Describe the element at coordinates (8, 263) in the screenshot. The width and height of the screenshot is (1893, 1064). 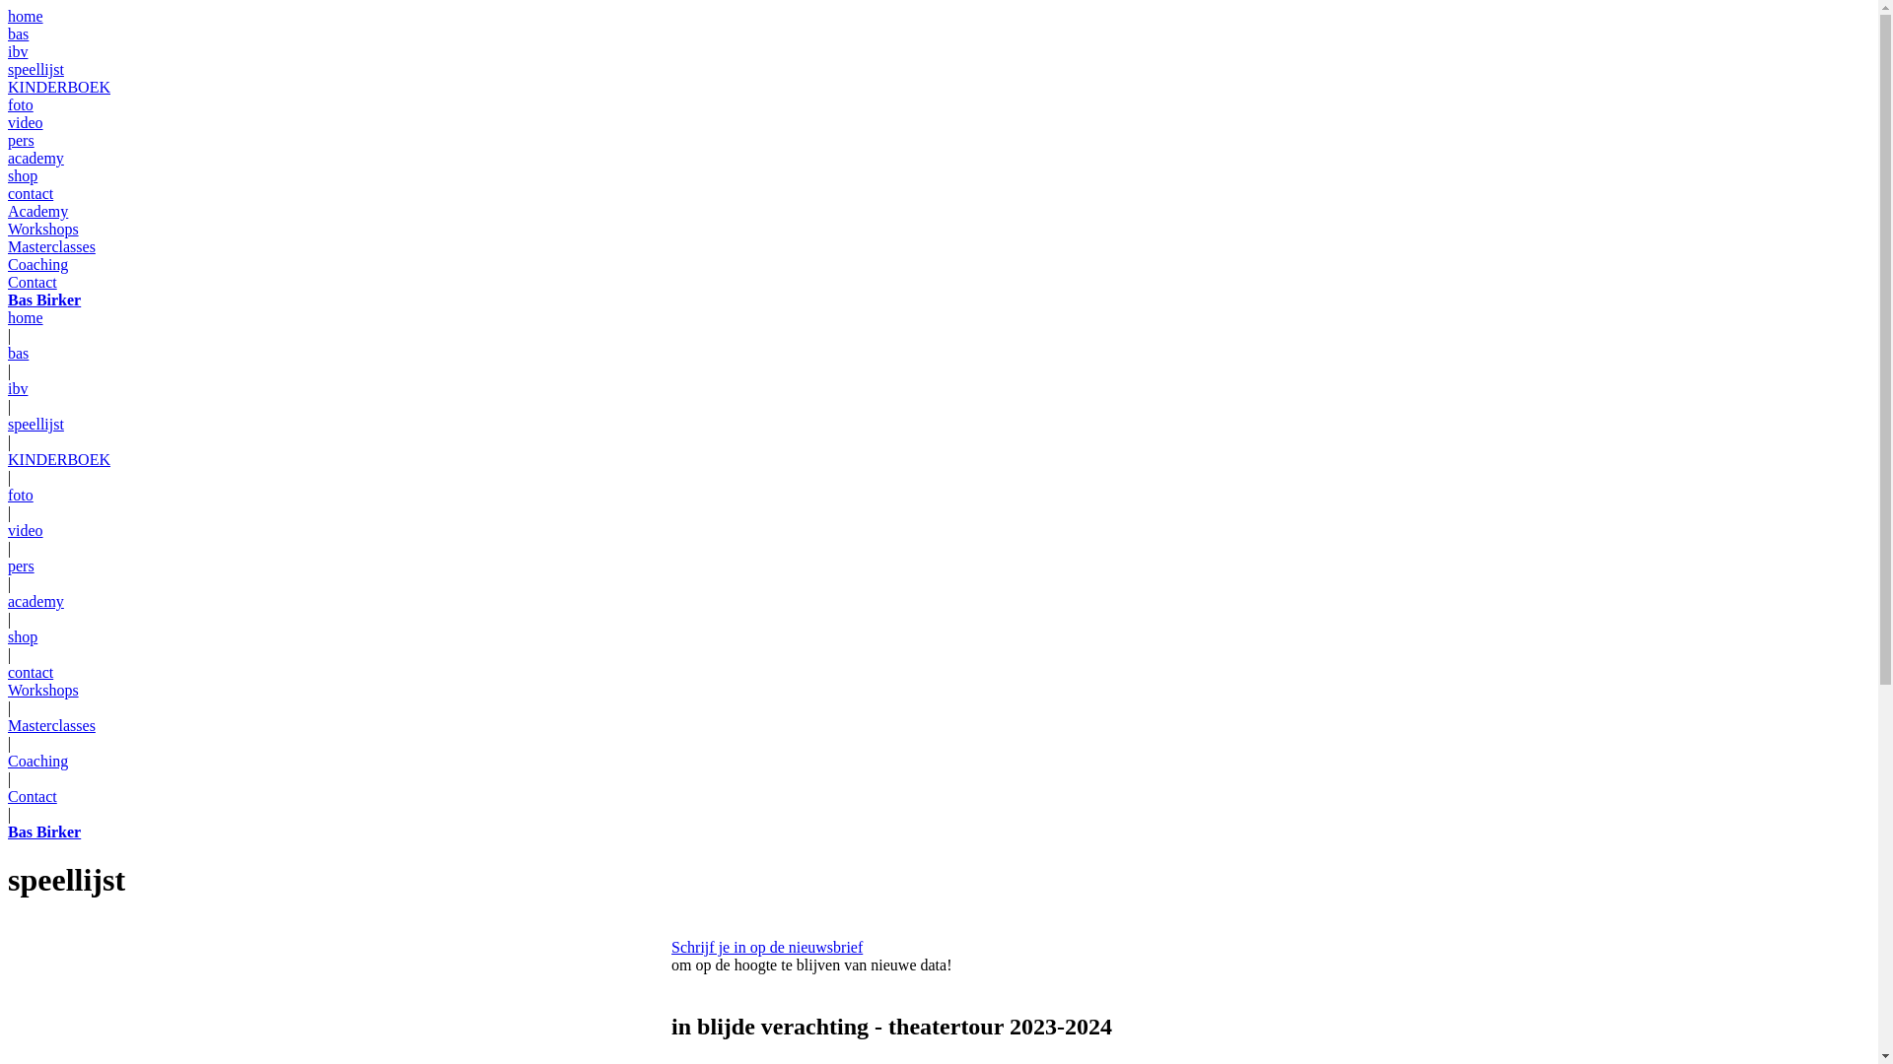
I see `'Coaching'` at that location.